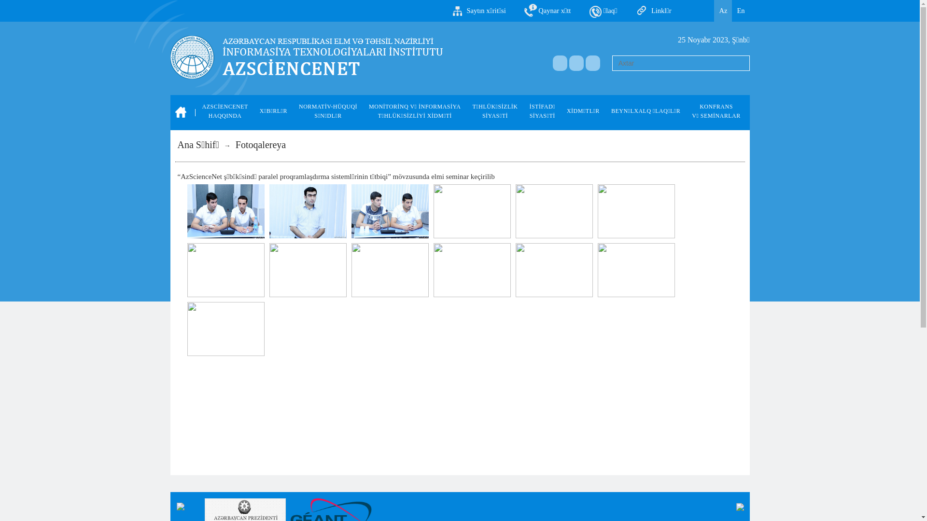  Describe the element at coordinates (260, 145) in the screenshot. I see `'Fotoqalereya'` at that location.